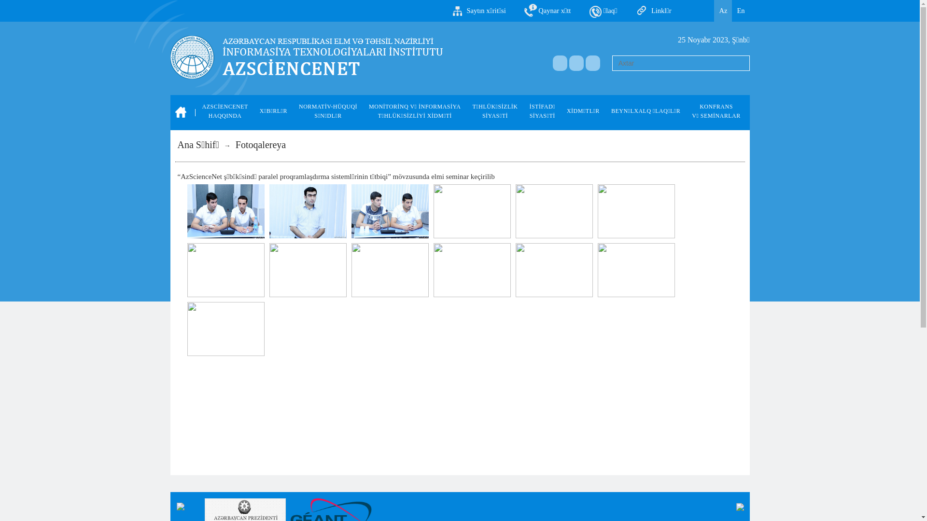  Describe the element at coordinates (260, 145) in the screenshot. I see `'Fotoqalereya'` at that location.